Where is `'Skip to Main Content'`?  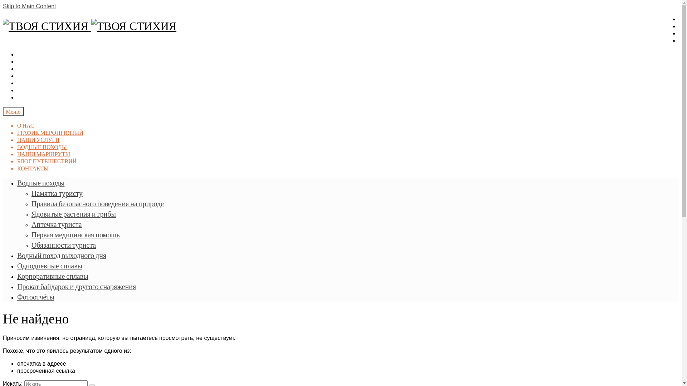 'Skip to Main Content' is located at coordinates (29, 6).